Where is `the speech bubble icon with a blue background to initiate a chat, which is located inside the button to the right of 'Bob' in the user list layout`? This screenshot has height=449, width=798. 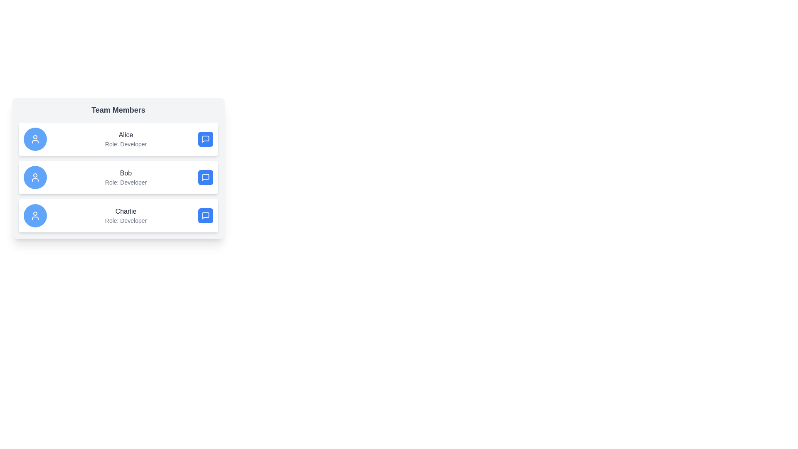
the speech bubble icon with a blue background to initiate a chat, which is located inside the button to the right of 'Bob' in the user list layout is located at coordinates (205, 177).